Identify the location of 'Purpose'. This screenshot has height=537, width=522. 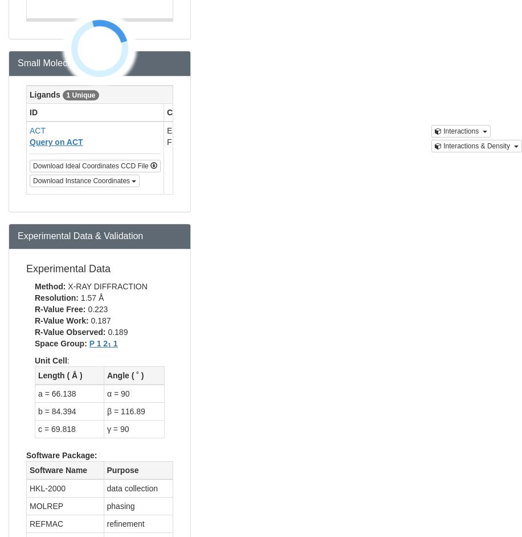
(121, 469).